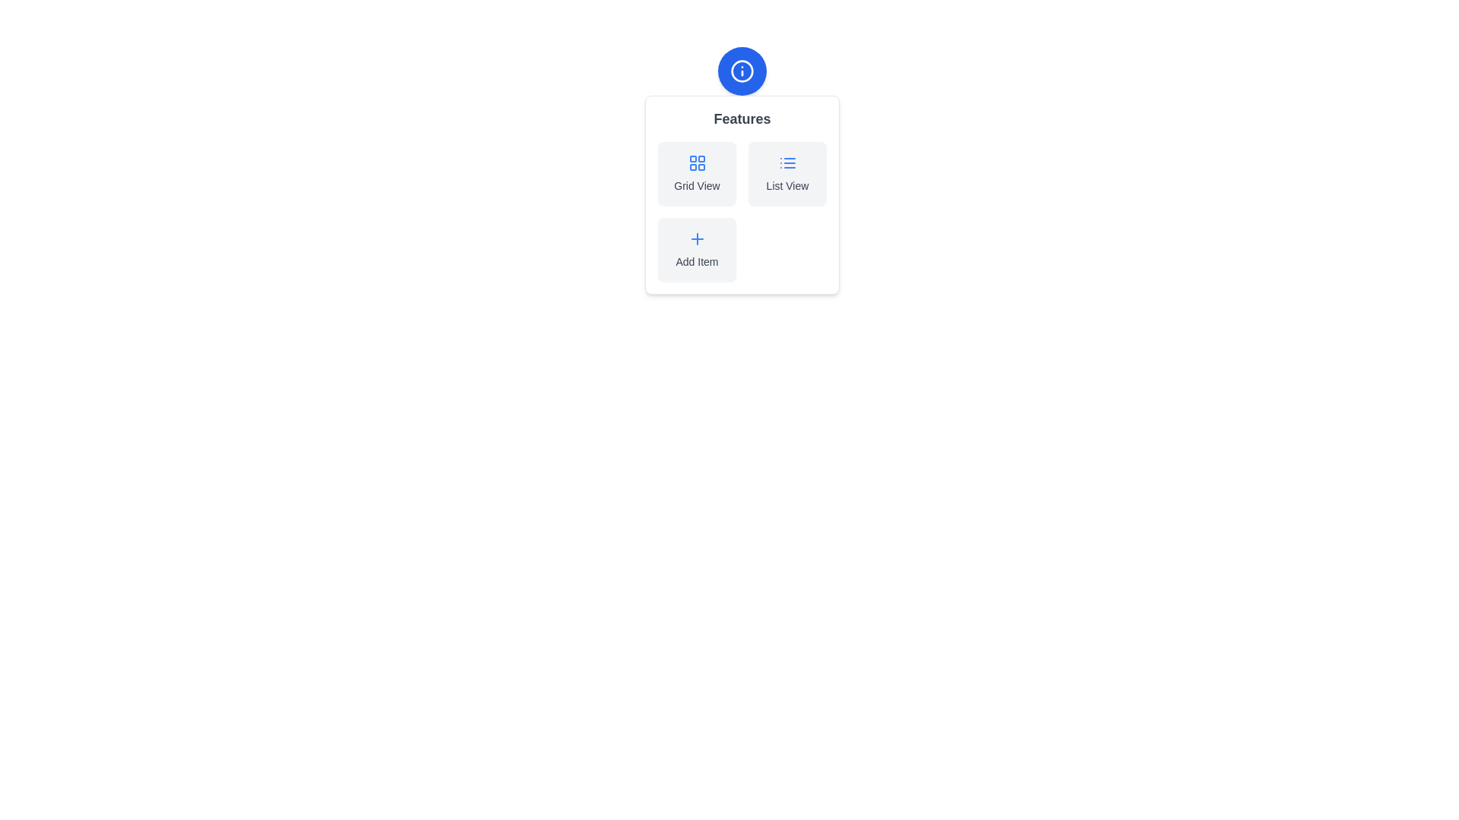 The width and height of the screenshot is (1459, 820). I want to click on the circular shape (SVG graphic component) that is the outermost circle within the blue circular icon, prominently located at the top center of the interface above the 'Features' buttons, so click(742, 71).